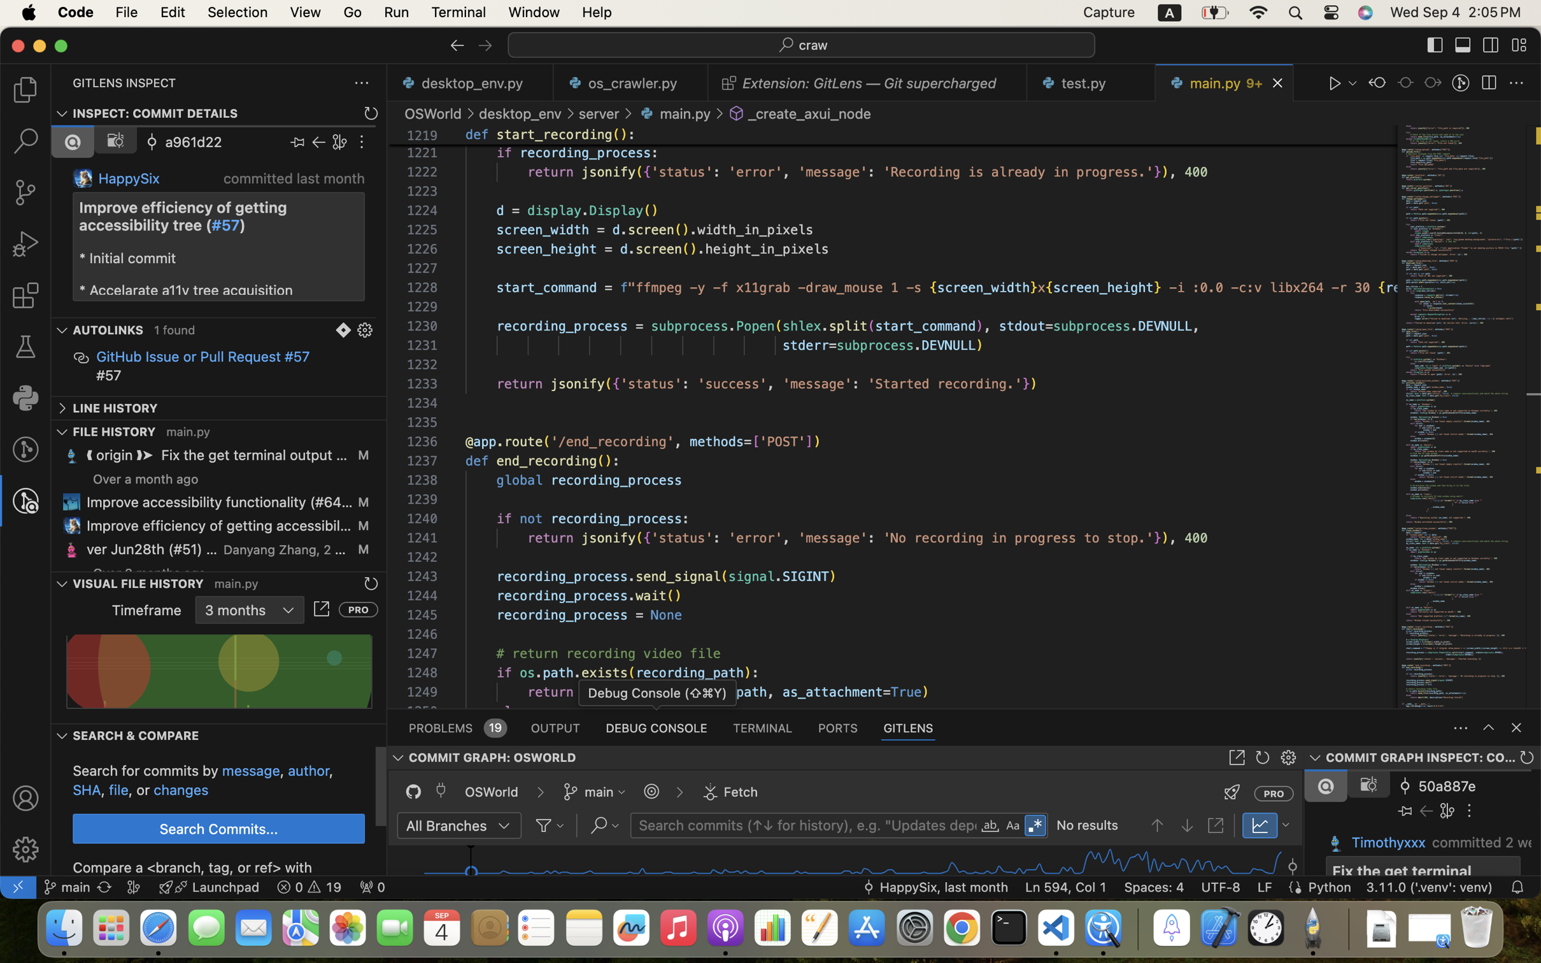 The width and height of the screenshot is (1541, 963). Describe the element at coordinates (1490, 45) in the screenshot. I see `''` at that location.